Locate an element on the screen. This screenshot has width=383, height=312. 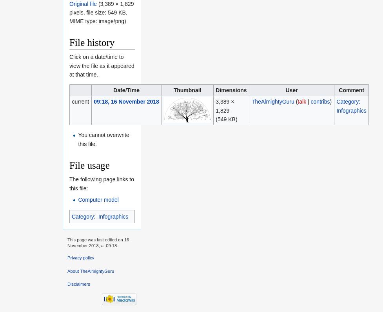
'Comment' is located at coordinates (351, 89).